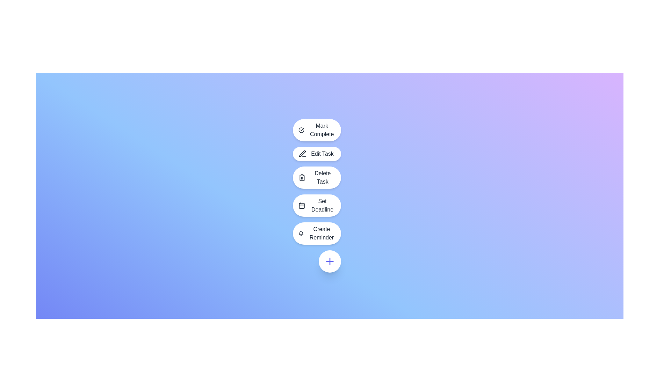 The width and height of the screenshot is (671, 377). What do you see at coordinates (302, 177) in the screenshot?
I see `the 'Delete Task' button, which is represented by a trashcan-shaped icon with dark gray strokes in a vertical list of rounded buttons` at bounding box center [302, 177].